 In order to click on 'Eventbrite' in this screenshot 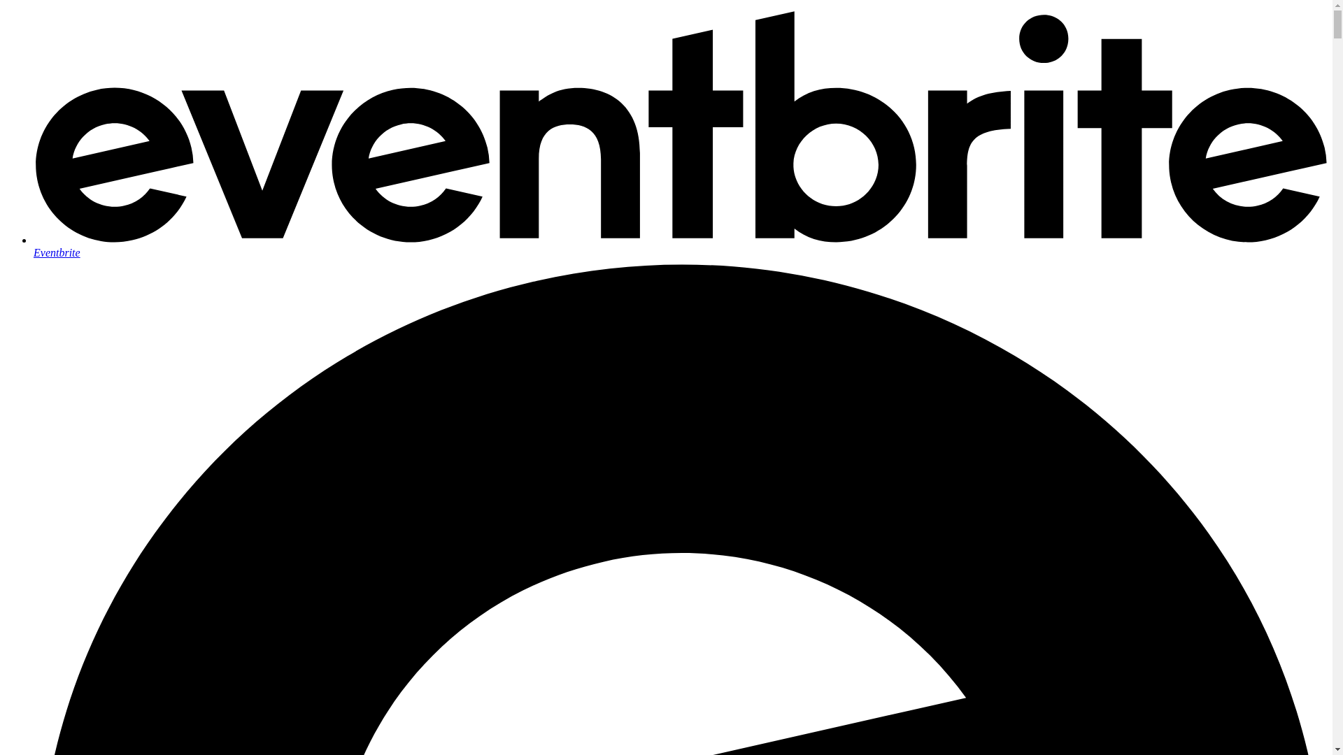, I will do `click(680, 245)`.